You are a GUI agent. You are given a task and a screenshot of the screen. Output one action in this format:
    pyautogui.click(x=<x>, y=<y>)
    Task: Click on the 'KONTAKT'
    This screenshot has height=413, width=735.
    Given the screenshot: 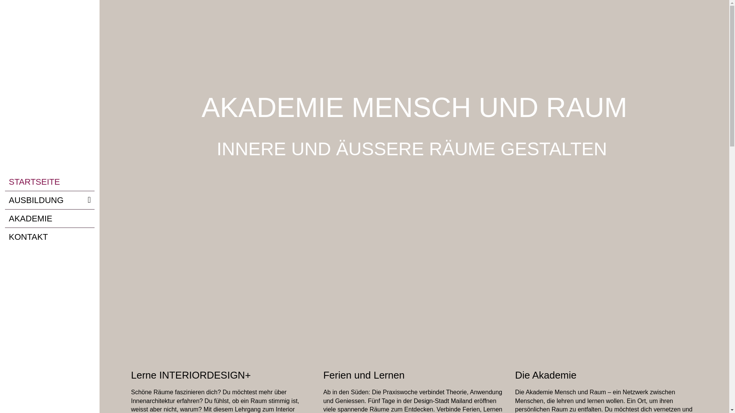 What is the action you would take?
    pyautogui.click(x=49, y=236)
    